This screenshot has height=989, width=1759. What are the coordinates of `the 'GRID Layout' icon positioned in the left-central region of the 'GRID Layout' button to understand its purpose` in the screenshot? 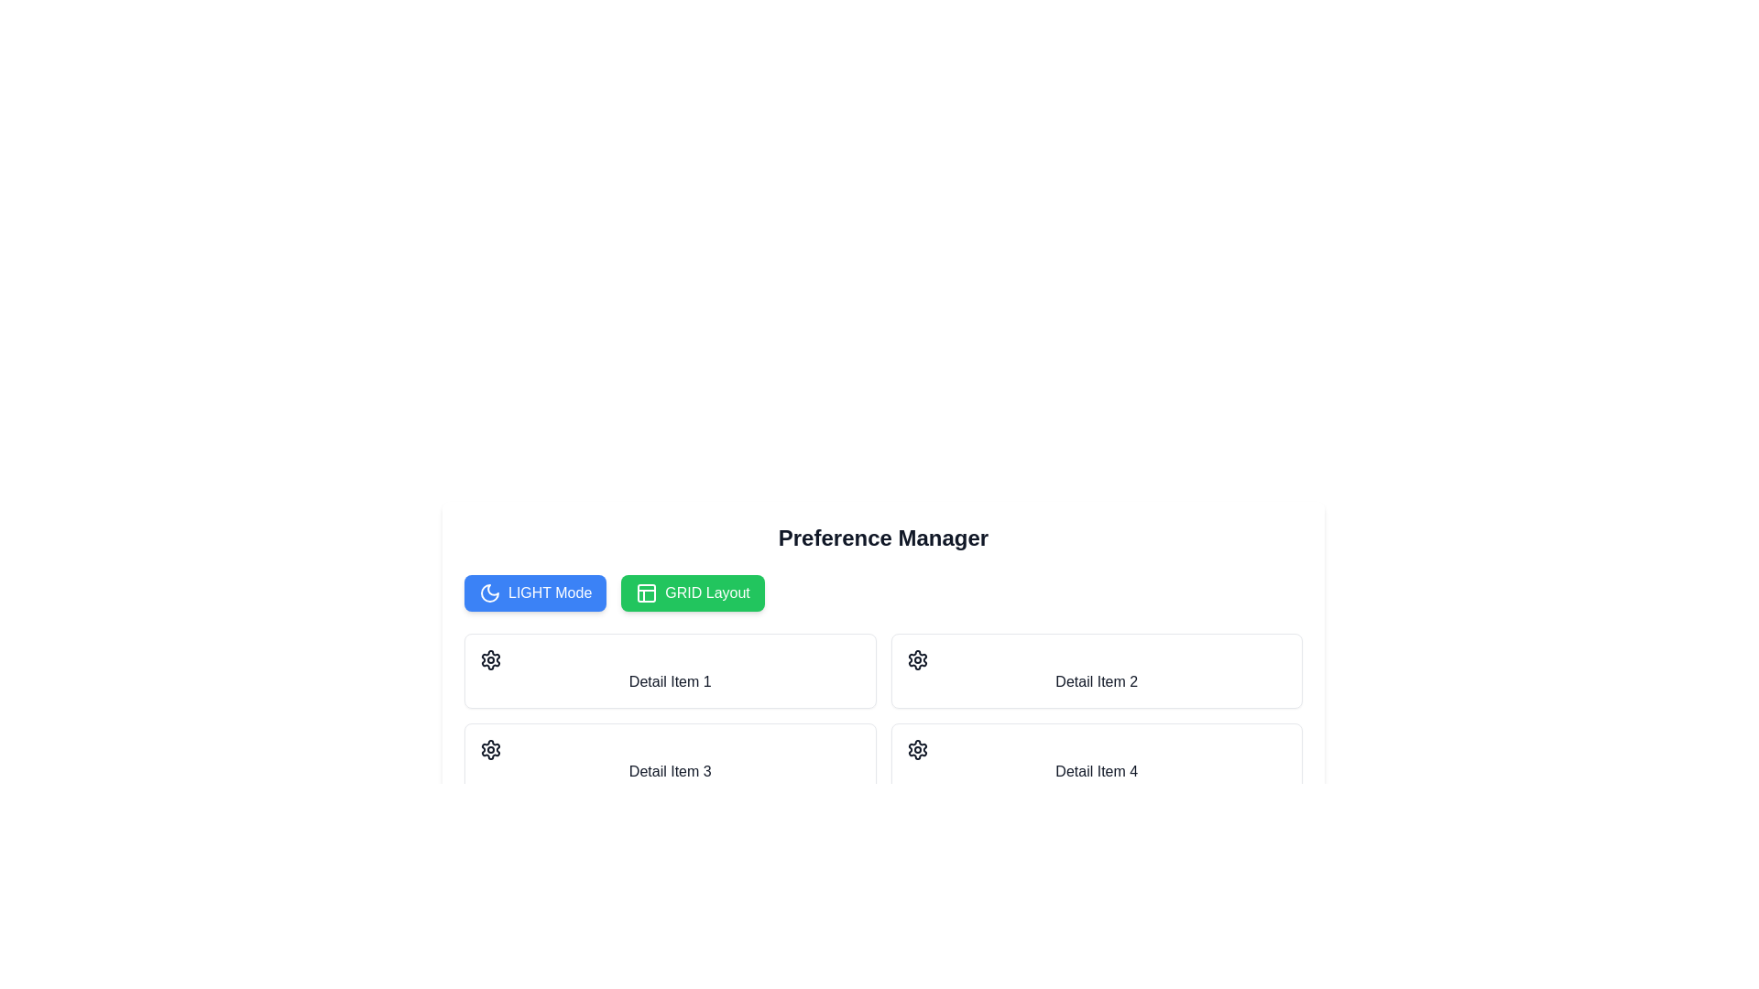 It's located at (647, 593).